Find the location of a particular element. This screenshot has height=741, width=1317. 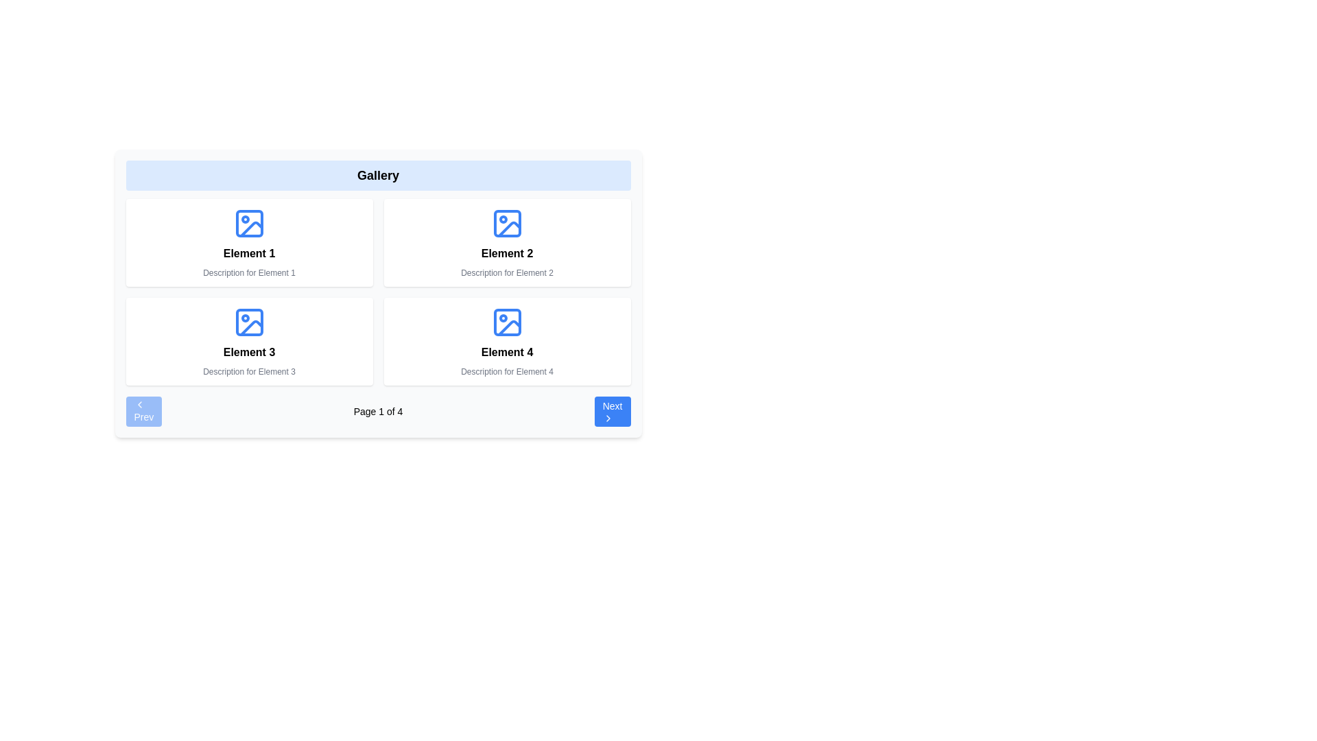

the small blue rectangle embedded within the SVG-based image icon of 'Element 4', located in the bottom-right slot of the grid layout is located at coordinates (506, 322).